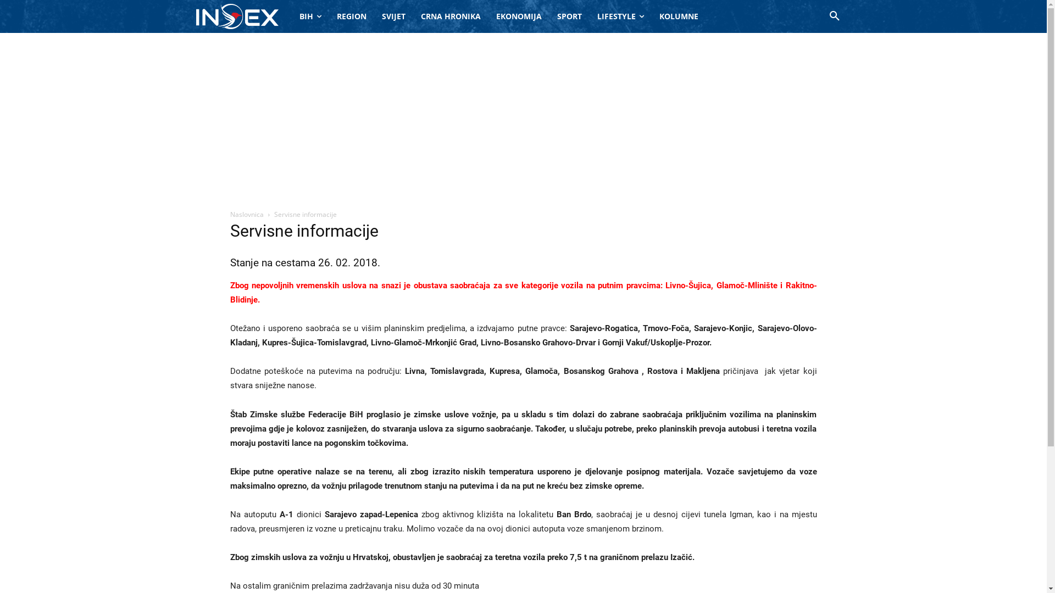 Image resolution: width=1055 pixels, height=593 pixels. What do you see at coordinates (393, 16) in the screenshot?
I see `'SVIJET'` at bounding box center [393, 16].